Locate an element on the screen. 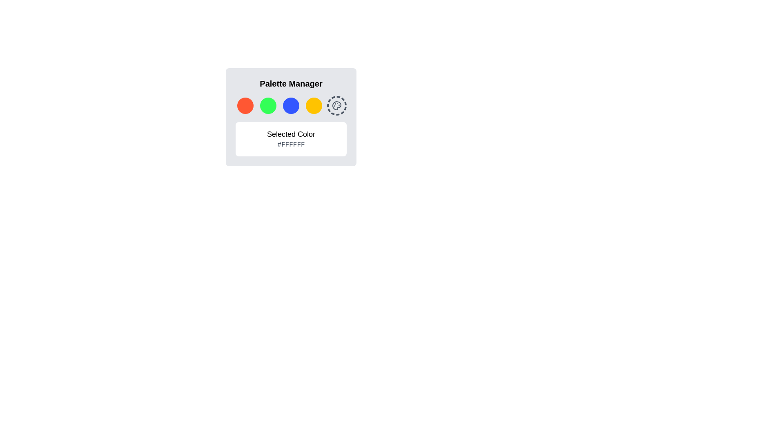 This screenshot has width=784, height=441. the fourth circular color selector button in the Palette Manager is located at coordinates (313, 105).